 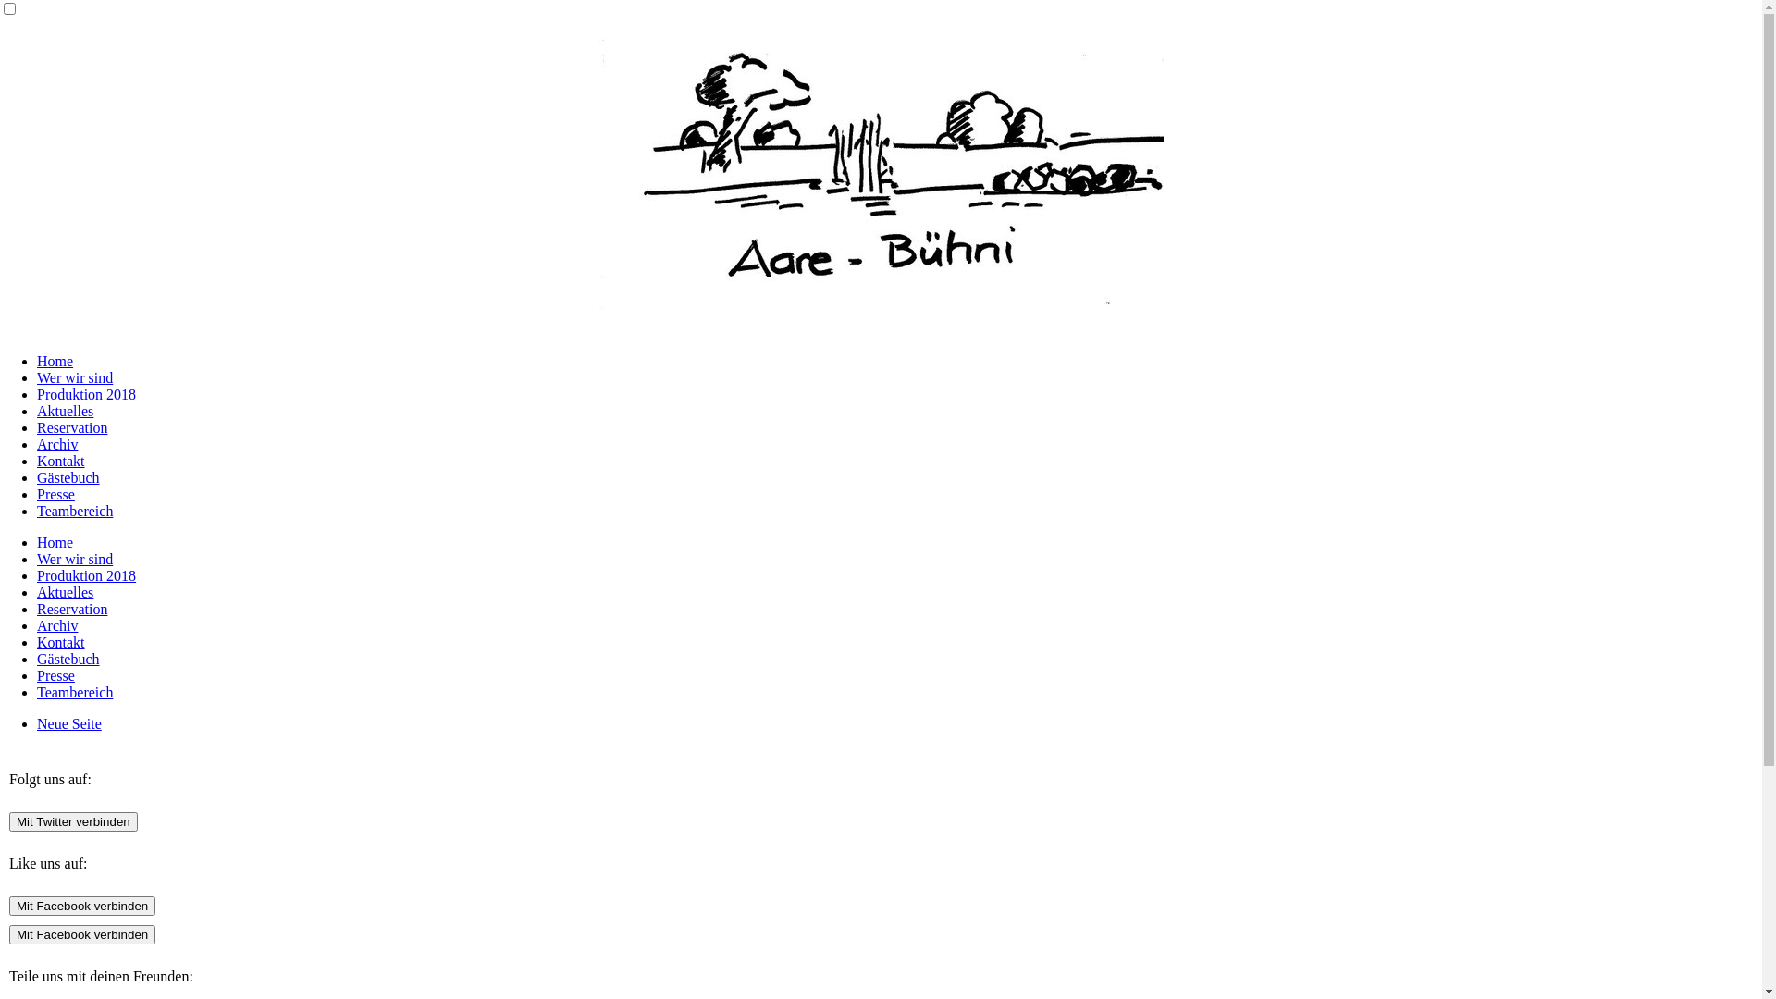 I want to click on 'Neue Seite', so click(x=69, y=722).